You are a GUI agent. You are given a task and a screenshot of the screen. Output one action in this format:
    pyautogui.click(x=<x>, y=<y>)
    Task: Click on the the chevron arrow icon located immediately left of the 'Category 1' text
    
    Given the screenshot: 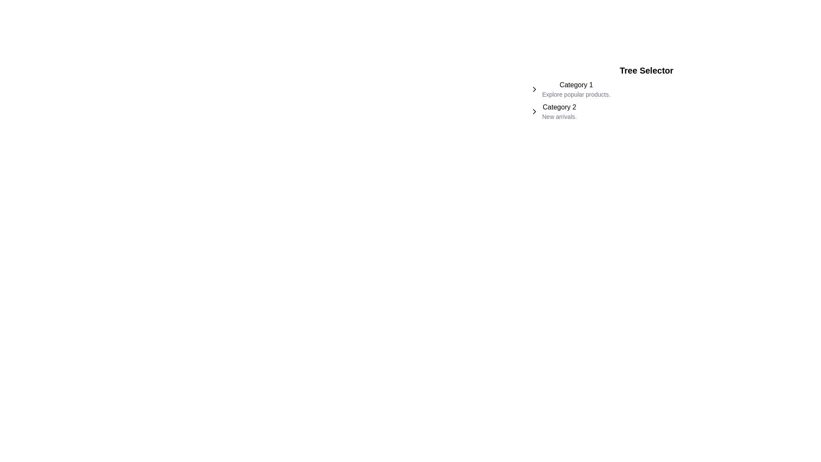 What is the action you would take?
    pyautogui.click(x=534, y=89)
    